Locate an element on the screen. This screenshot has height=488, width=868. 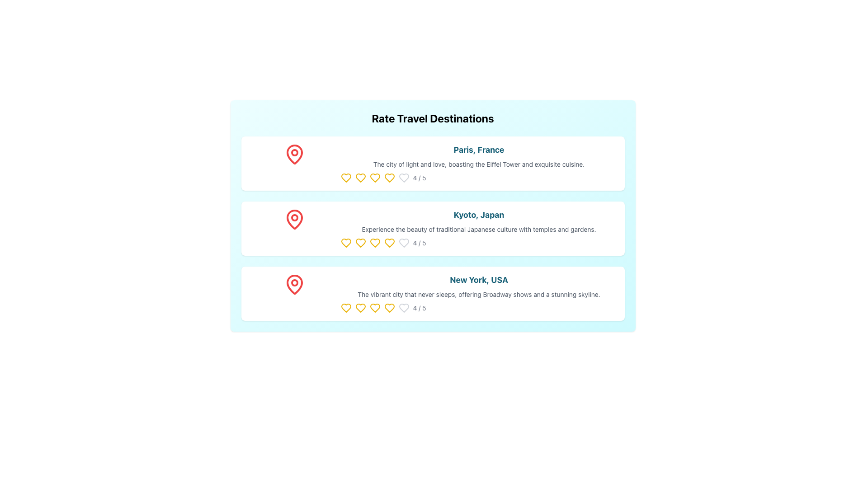
the heart icon in the 'Rate Travel Destinations' panel for 'New York, USA' is located at coordinates (389, 308).